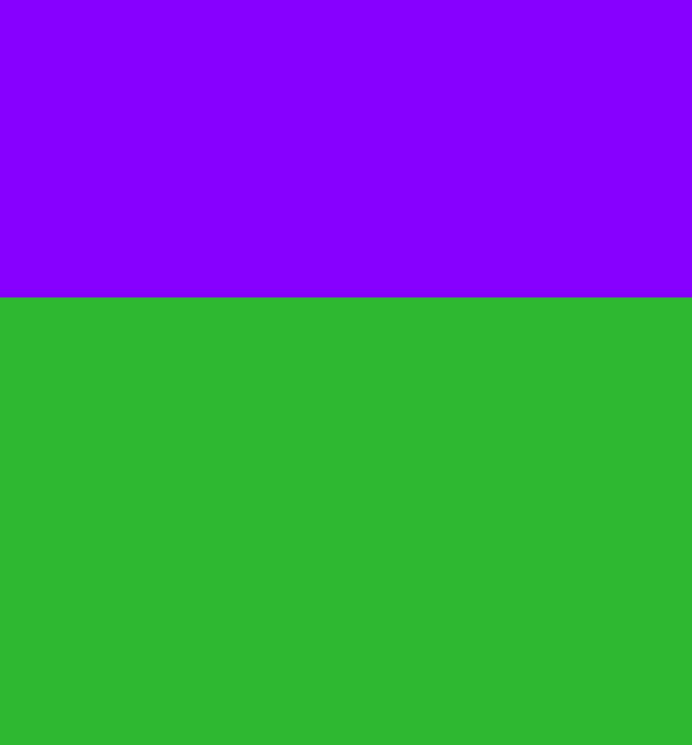 The width and height of the screenshot is (692, 745). Describe the element at coordinates (64, 516) in the screenshot. I see `'Security'` at that location.